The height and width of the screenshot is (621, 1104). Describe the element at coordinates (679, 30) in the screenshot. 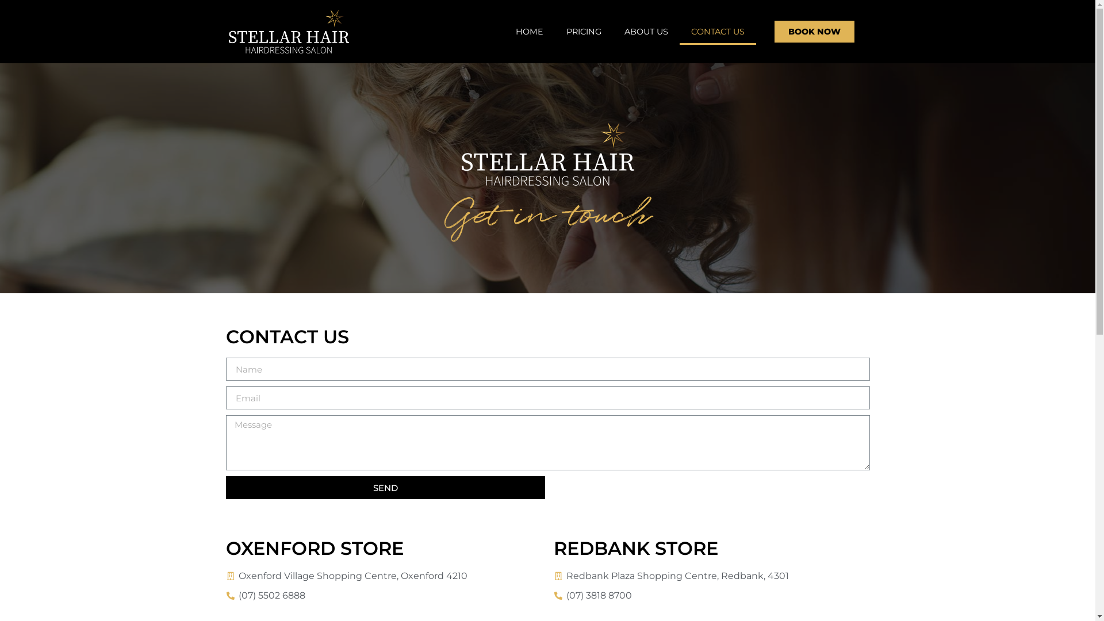

I see `'CONTACT US'` at that location.